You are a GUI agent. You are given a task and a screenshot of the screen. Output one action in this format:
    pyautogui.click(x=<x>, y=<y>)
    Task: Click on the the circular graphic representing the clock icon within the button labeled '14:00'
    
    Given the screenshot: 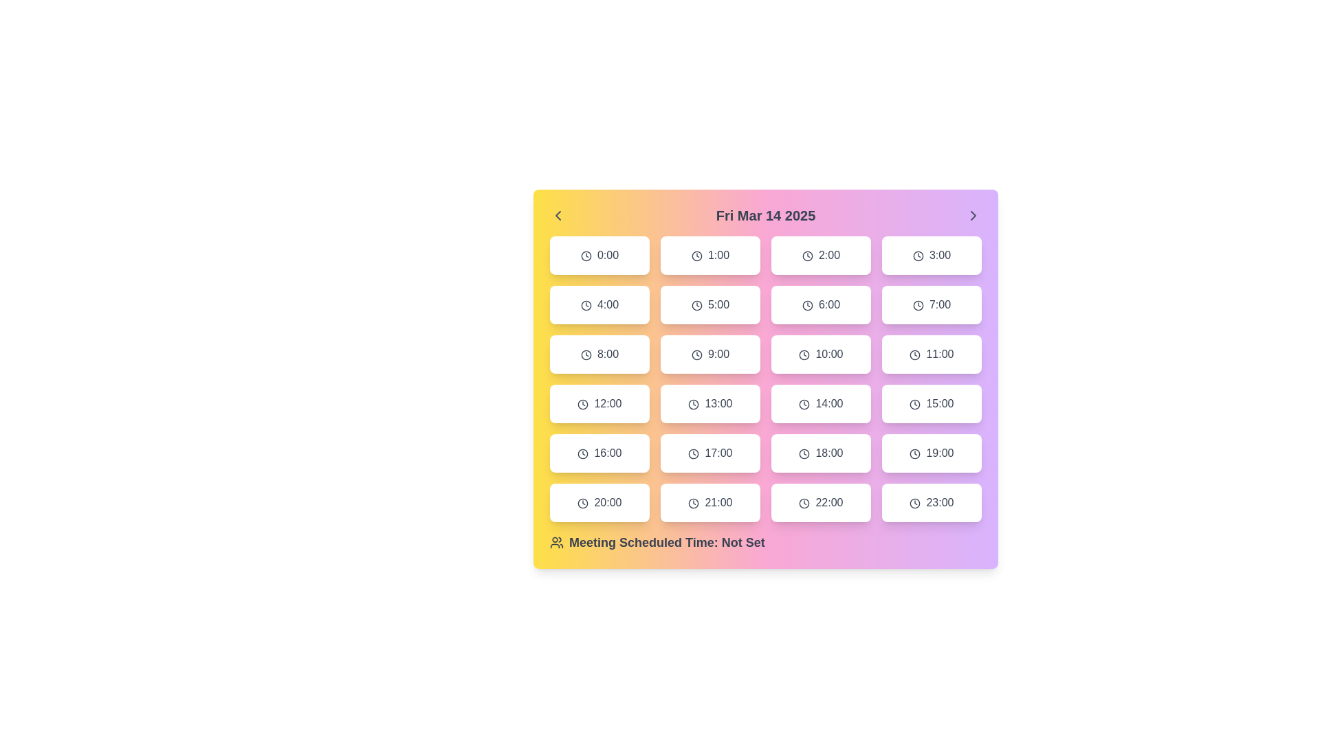 What is the action you would take?
    pyautogui.click(x=804, y=403)
    